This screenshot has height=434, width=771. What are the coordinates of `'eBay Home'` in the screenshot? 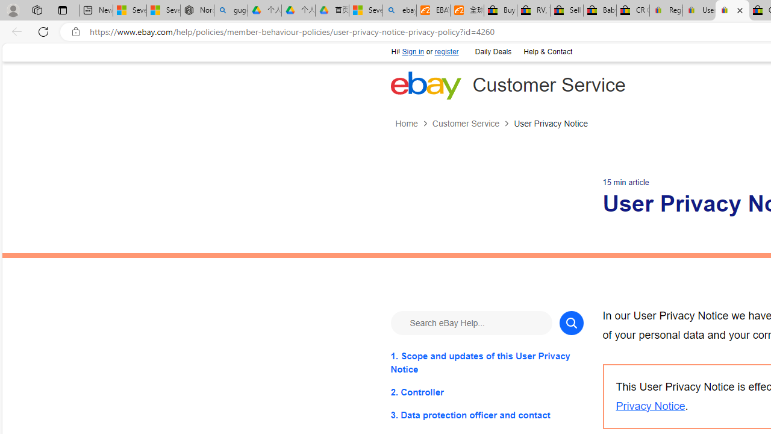 It's located at (425, 84).